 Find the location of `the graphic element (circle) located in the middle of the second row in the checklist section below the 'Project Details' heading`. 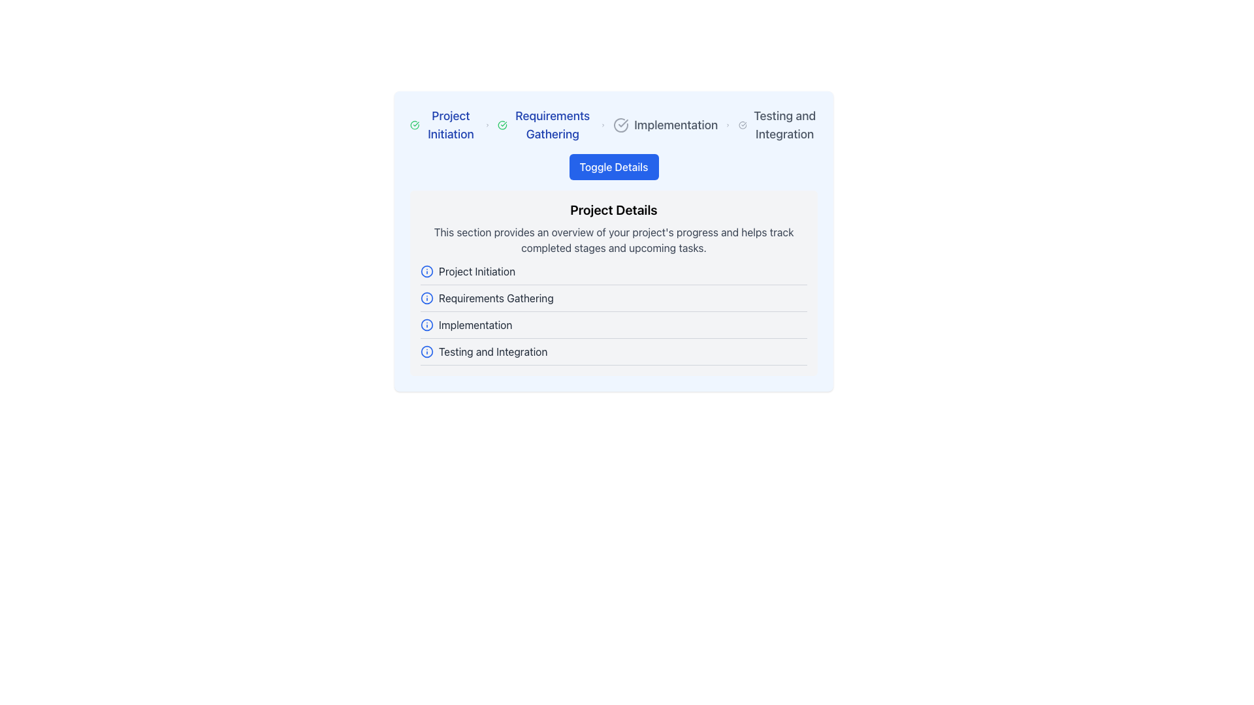

the graphic element (circle) located in the middle of the second row in the checklist section below the 'Project Details' heading is located at coordinates (426, 298).